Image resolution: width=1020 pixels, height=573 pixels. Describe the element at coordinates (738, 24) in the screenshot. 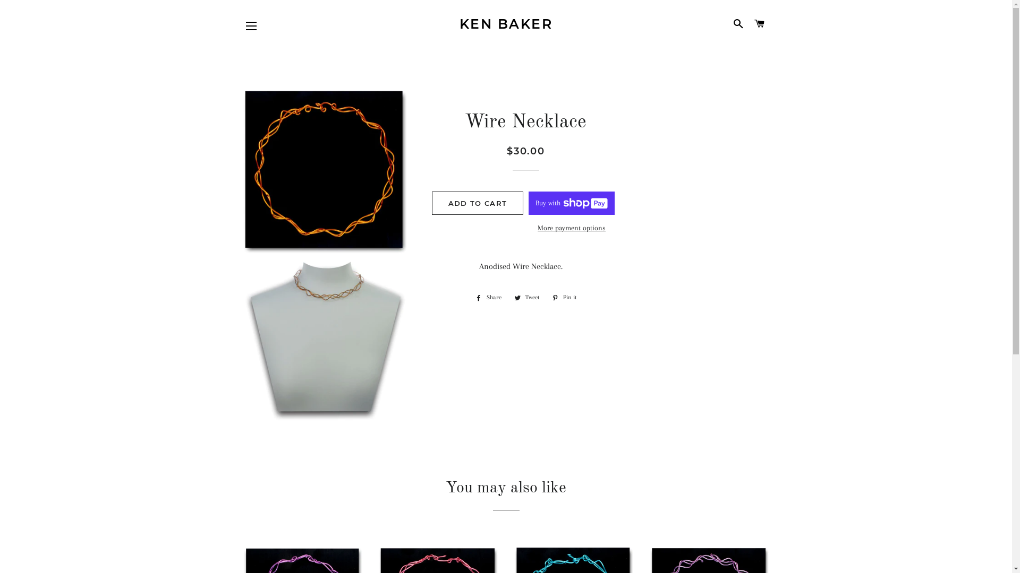

I see `'SEARCH'` at that location.